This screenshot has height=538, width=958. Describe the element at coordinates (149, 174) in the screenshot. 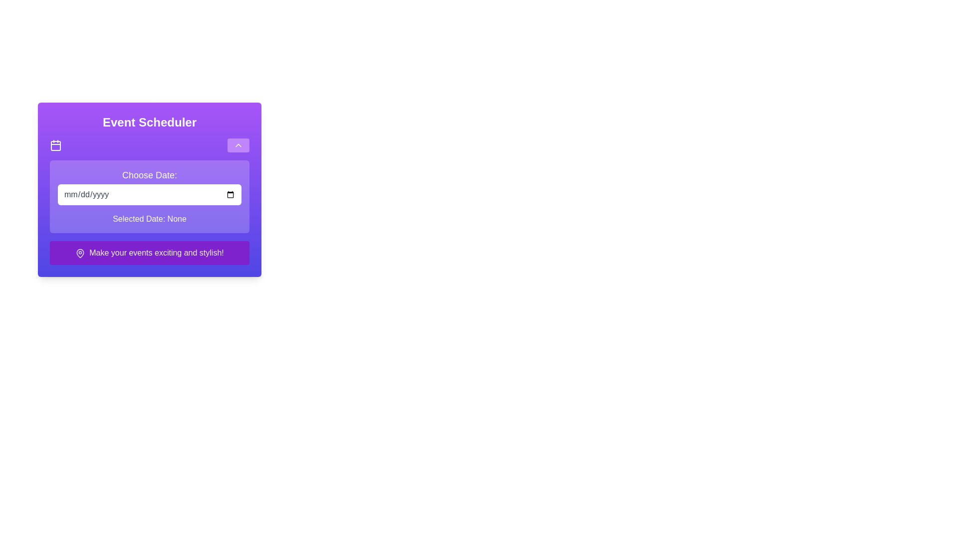

I see `the label 'Choose Date:' which is displayed in white font on a purple background, located within the 'Event Scheduler' panel above the date input field` at that location.